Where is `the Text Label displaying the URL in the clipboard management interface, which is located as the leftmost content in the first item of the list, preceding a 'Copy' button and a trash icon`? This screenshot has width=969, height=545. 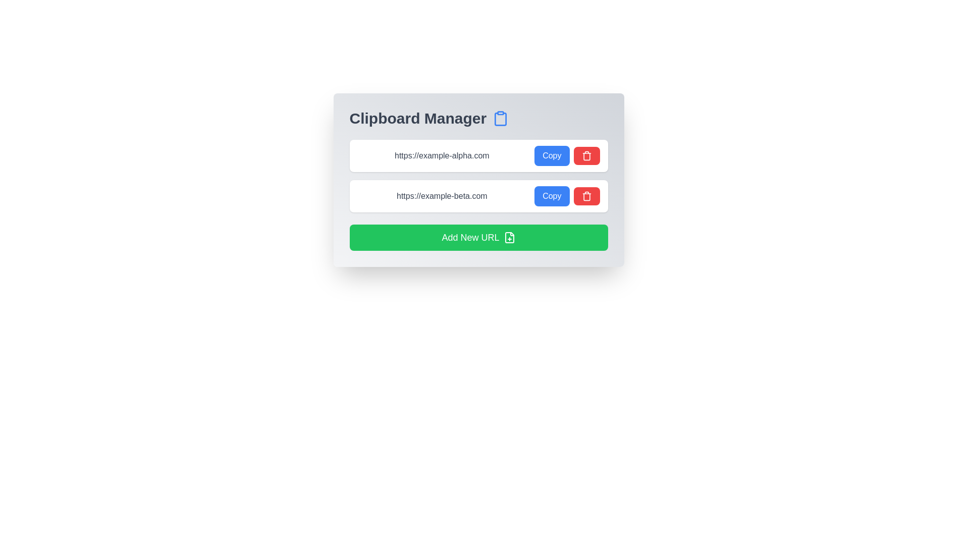 the Text Label displaying the URL in the clipboard management interface, which is located as the leftmost content in the first item of the list, preceding a 'Copy' button and a trash icon is located at coordinates (442, 155).